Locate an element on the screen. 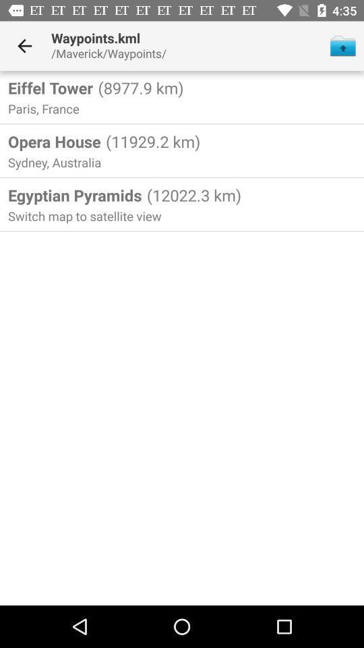  the  (11929.2 km) icon is located at coordinates (150, 141).